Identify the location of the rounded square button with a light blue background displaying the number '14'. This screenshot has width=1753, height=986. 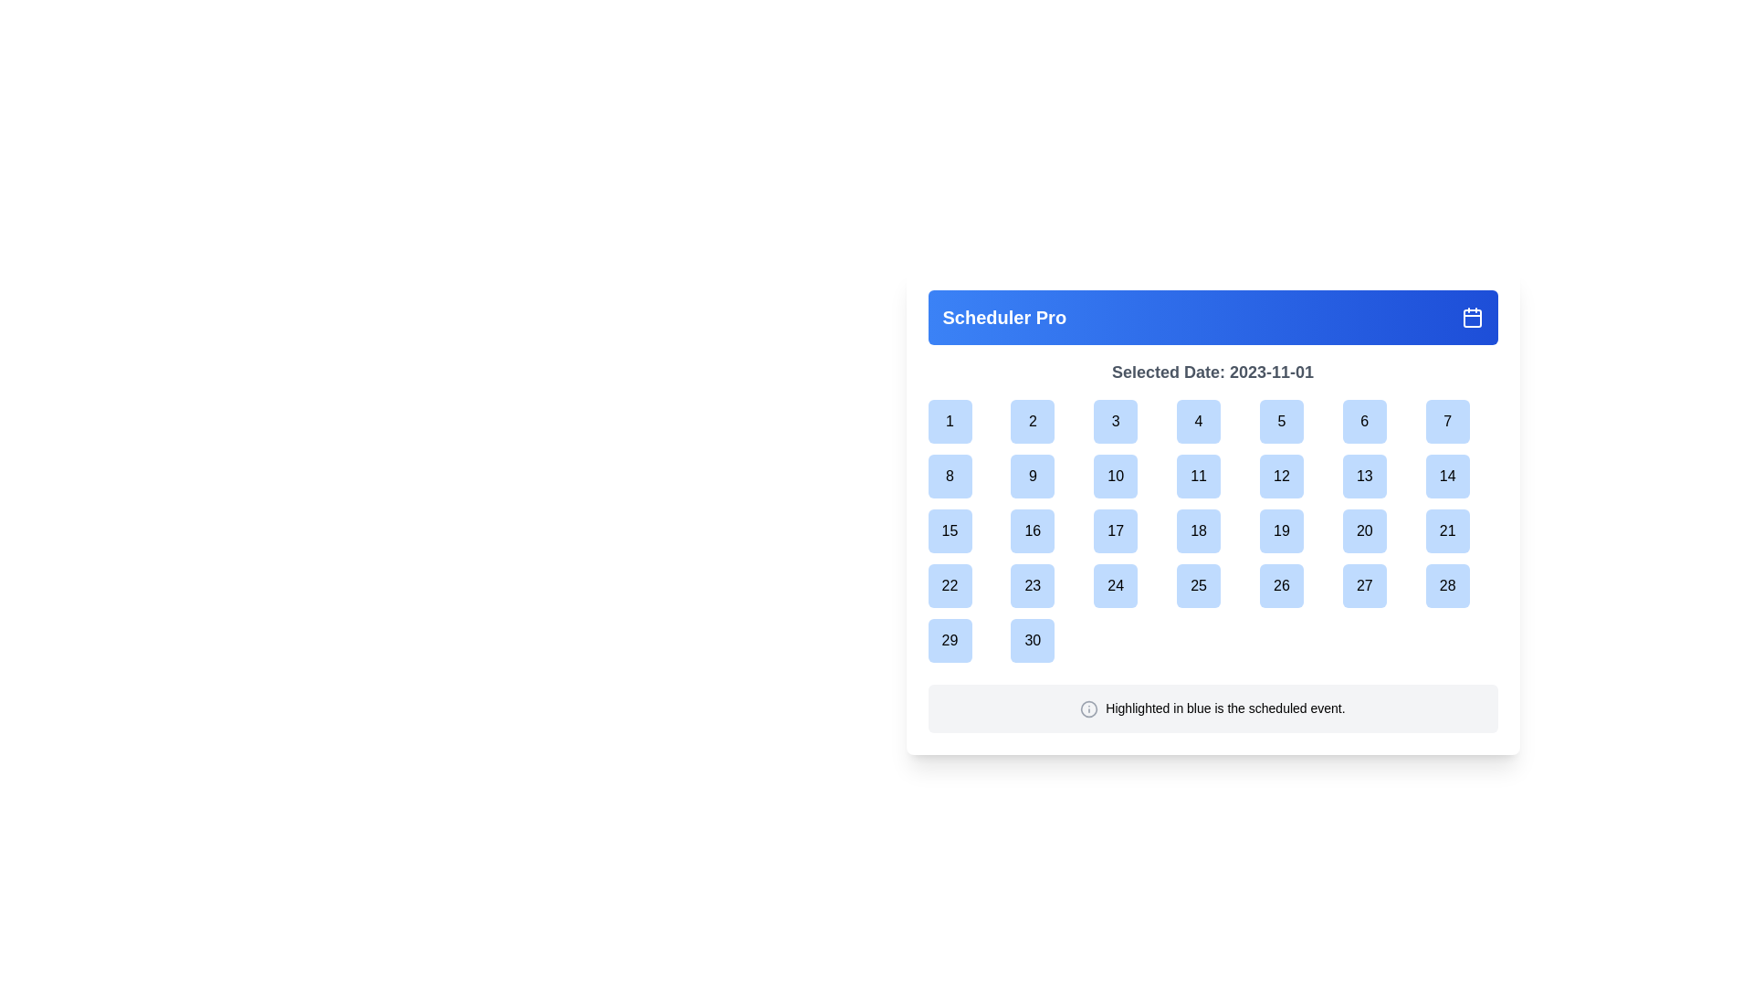
(1446, 475).